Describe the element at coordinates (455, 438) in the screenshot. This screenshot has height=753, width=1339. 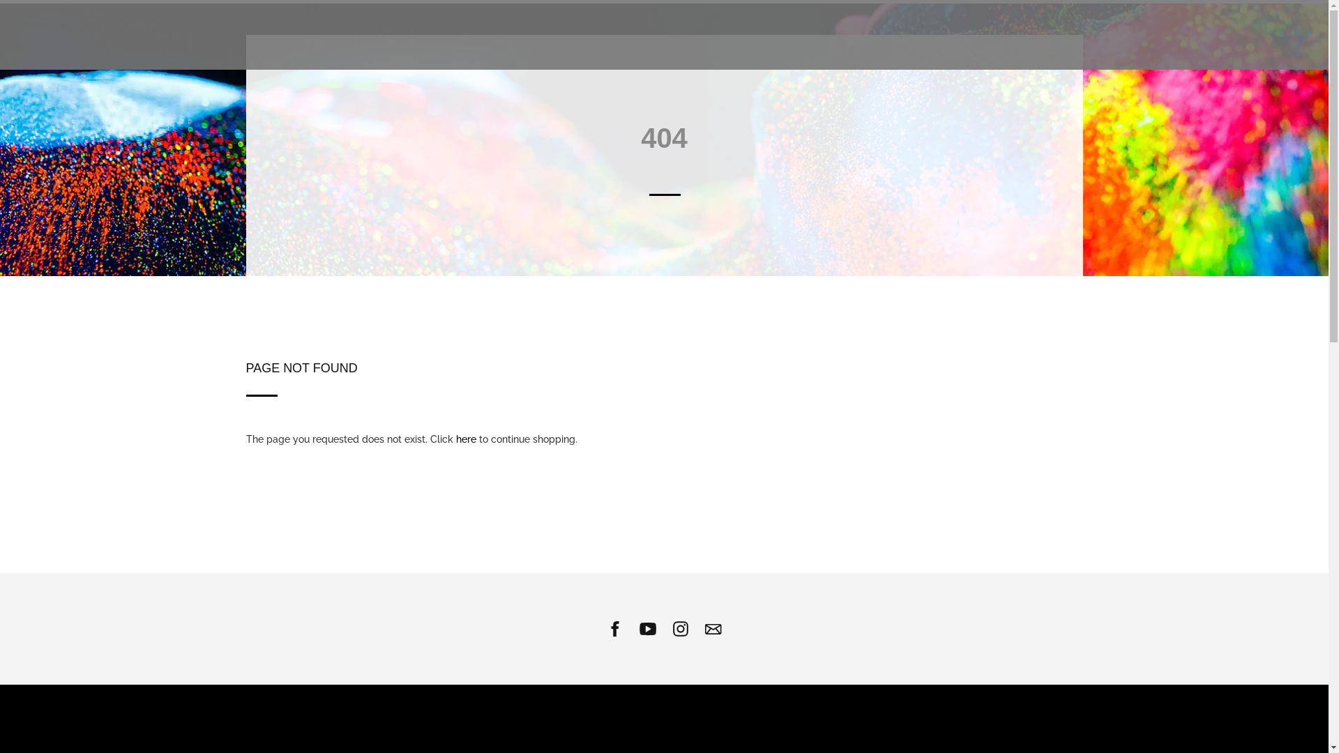
I see `'here'` at that location.